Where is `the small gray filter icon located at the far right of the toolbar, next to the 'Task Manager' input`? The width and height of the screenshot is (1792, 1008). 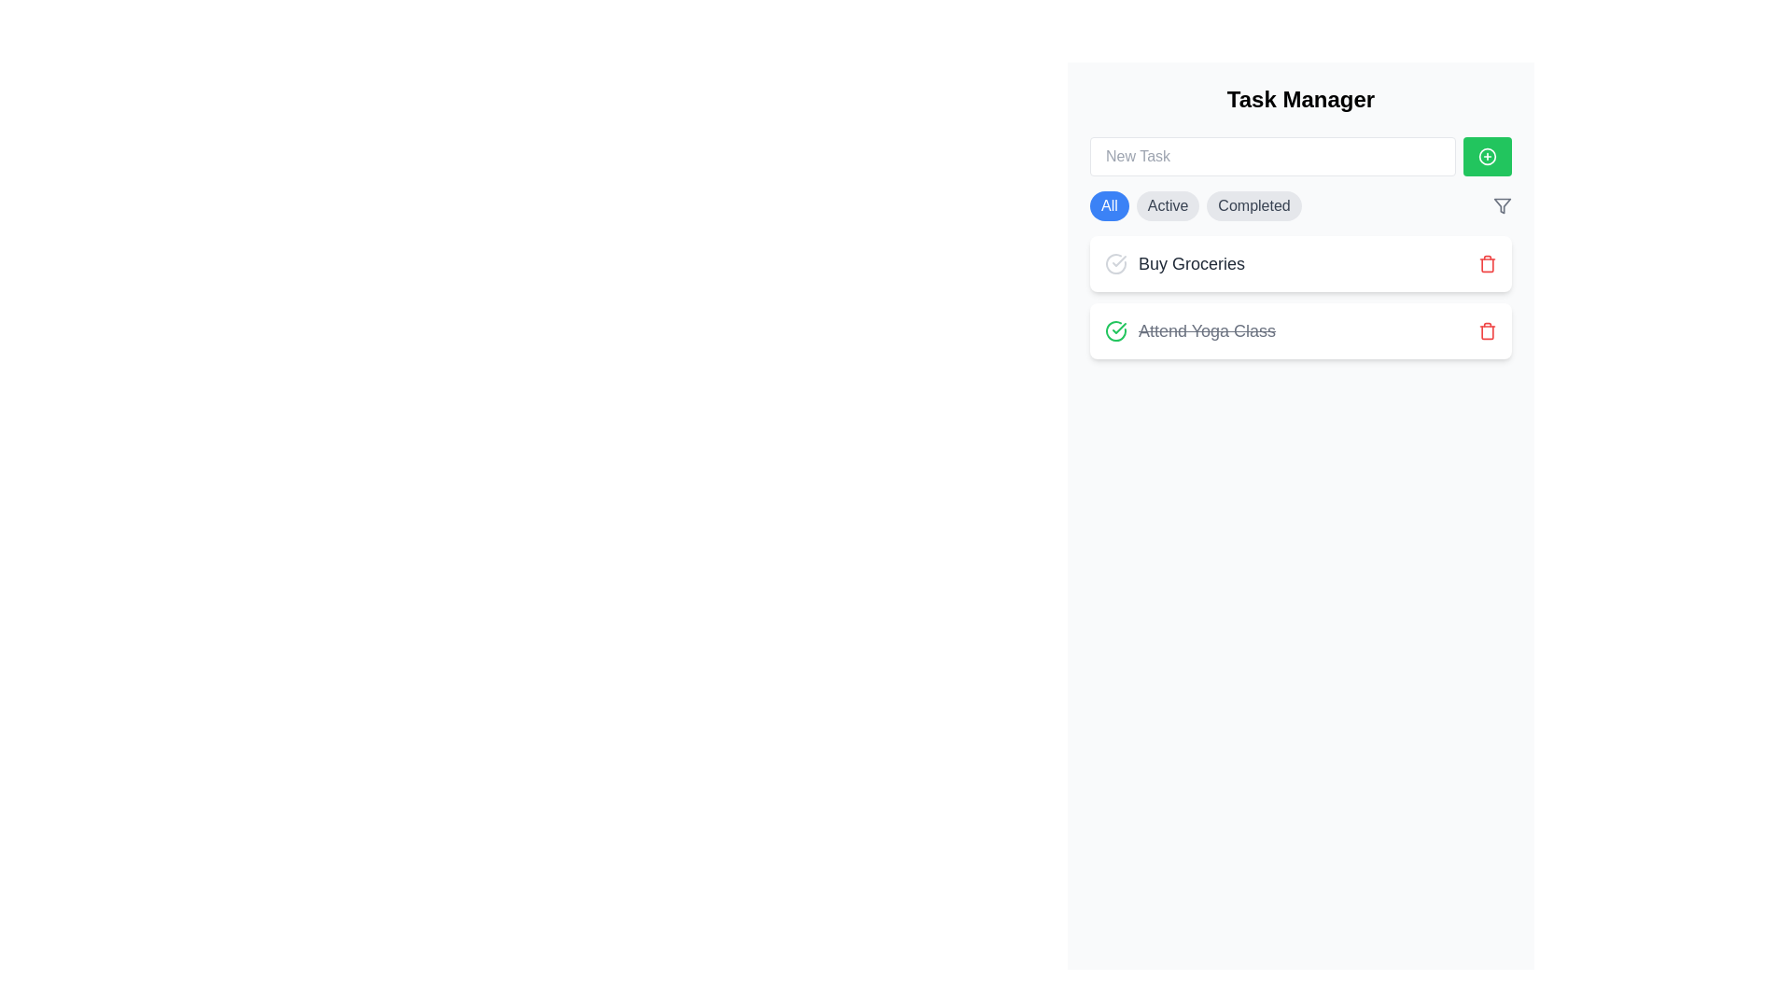
the small gray filter icon located at the far right of the toolbar, next to the 'Task Manager' input is located at coordinates (1502, 205).